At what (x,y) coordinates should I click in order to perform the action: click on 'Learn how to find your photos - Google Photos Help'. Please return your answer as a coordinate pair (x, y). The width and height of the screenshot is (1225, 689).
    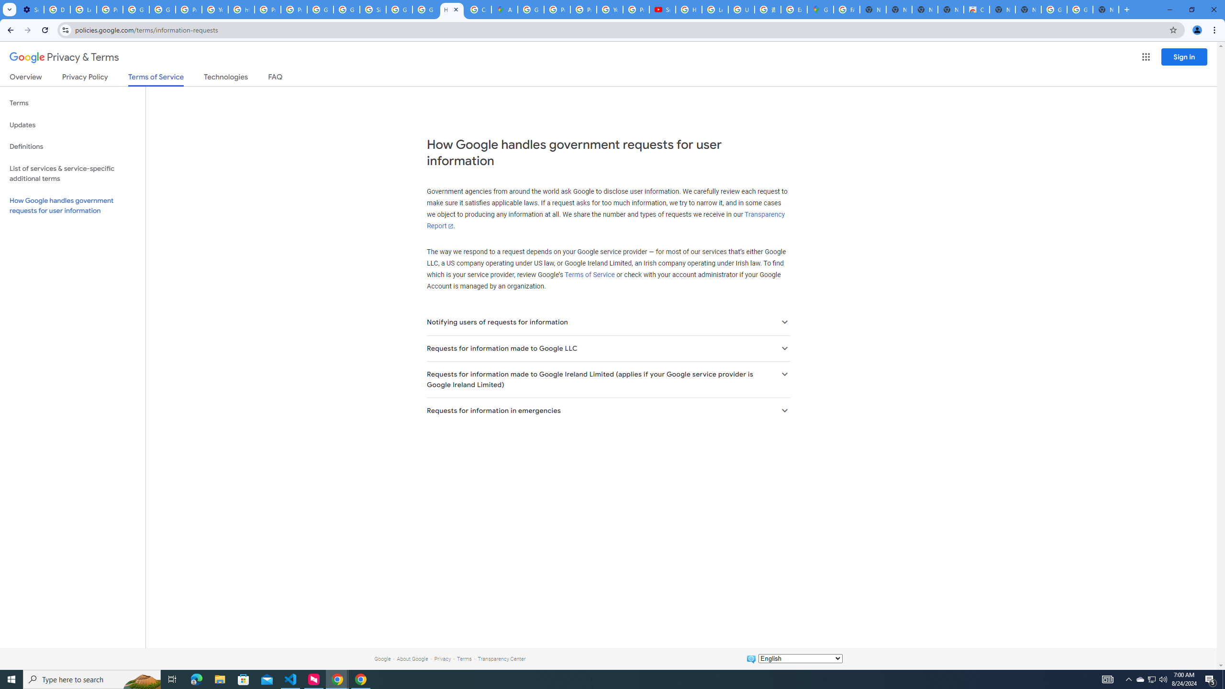
    Looking at the image, I should click on (83, 9).